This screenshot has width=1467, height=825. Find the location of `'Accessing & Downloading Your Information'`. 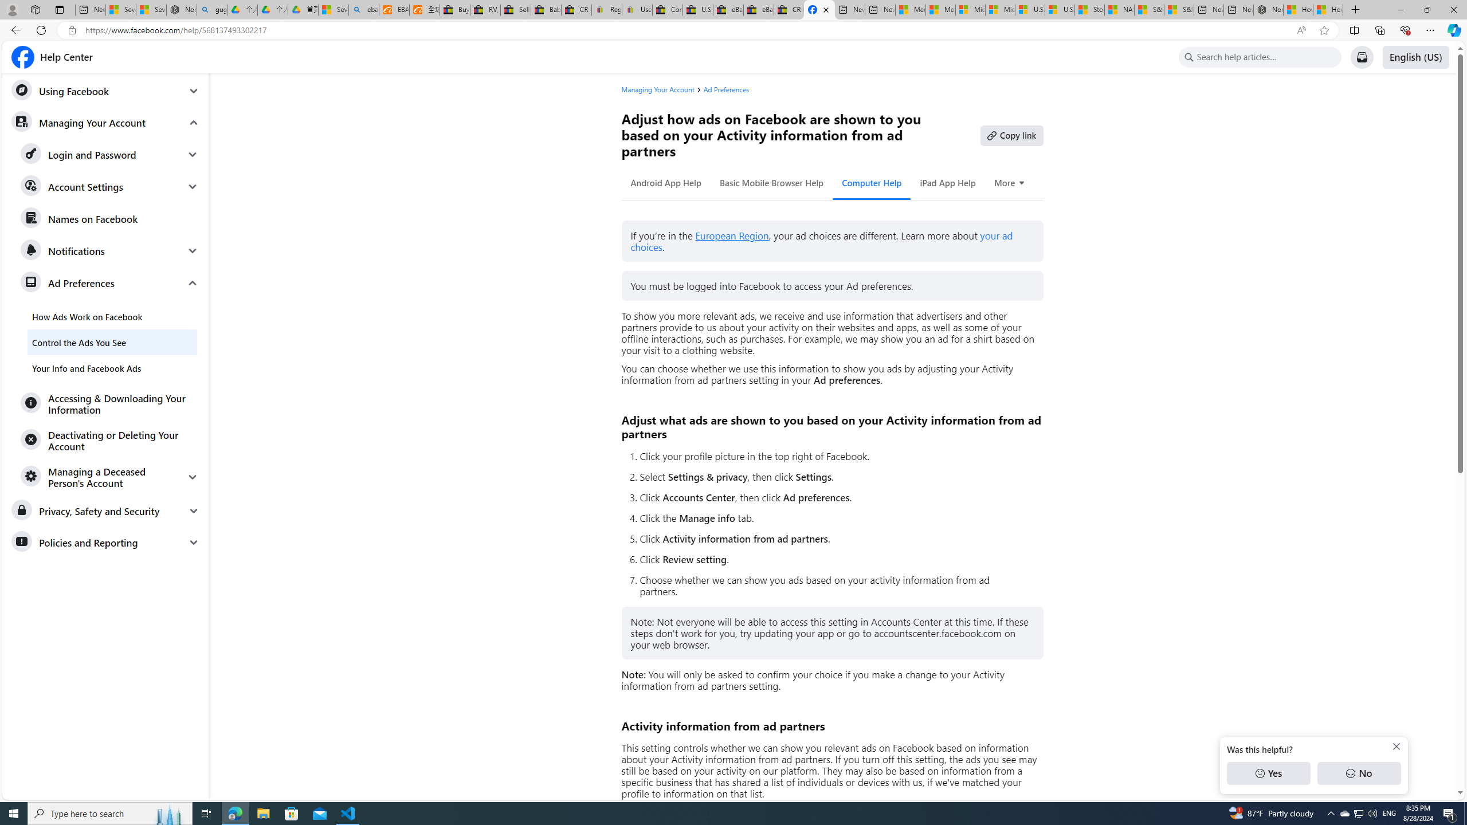

'Accessing & Downloading Your Information' is located at coordinates (109, 403).